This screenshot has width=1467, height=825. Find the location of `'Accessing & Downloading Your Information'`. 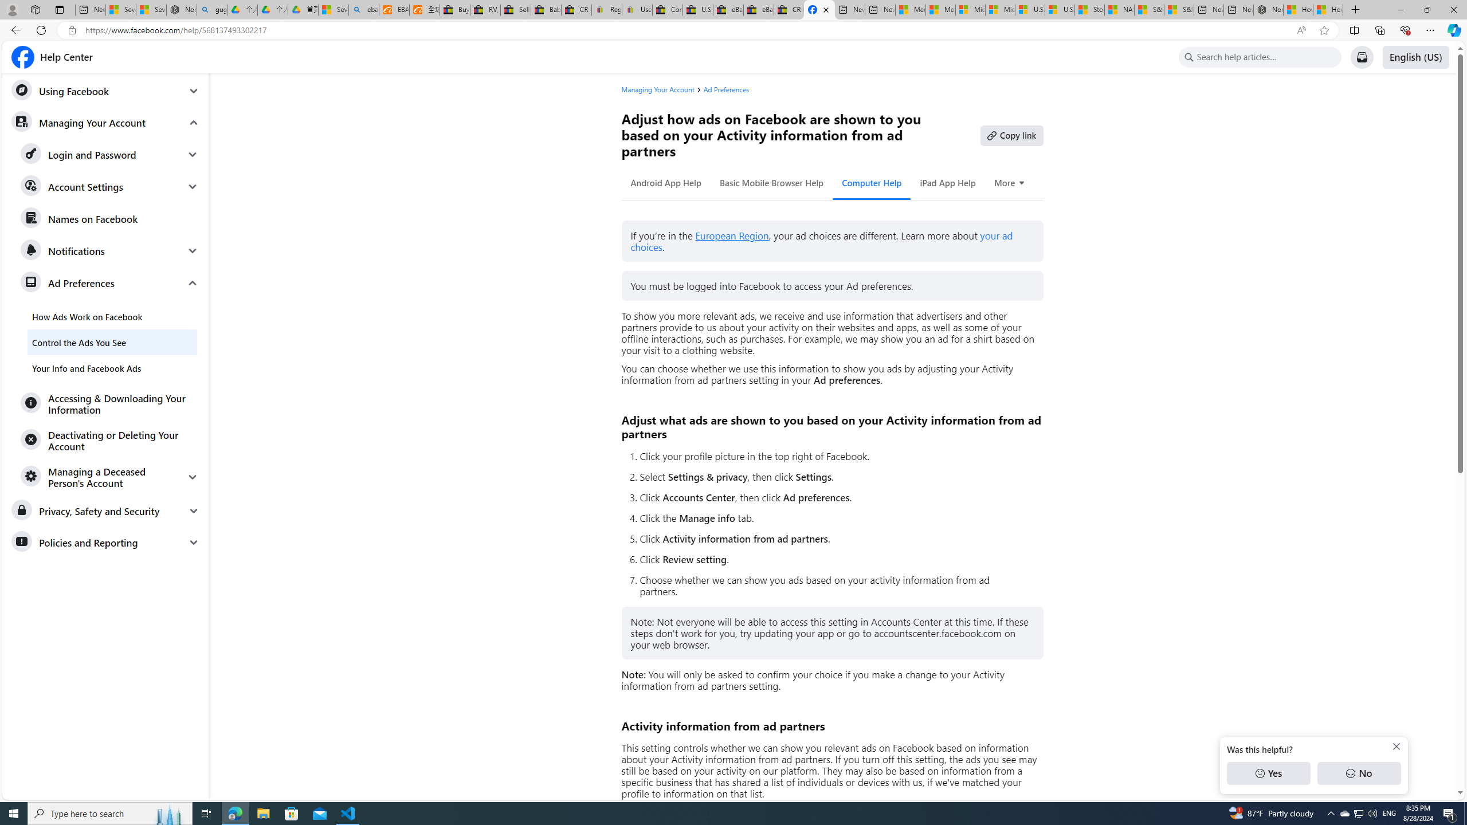

'Accessing & Downloading Your Information' is located at coordinates (109, 403).